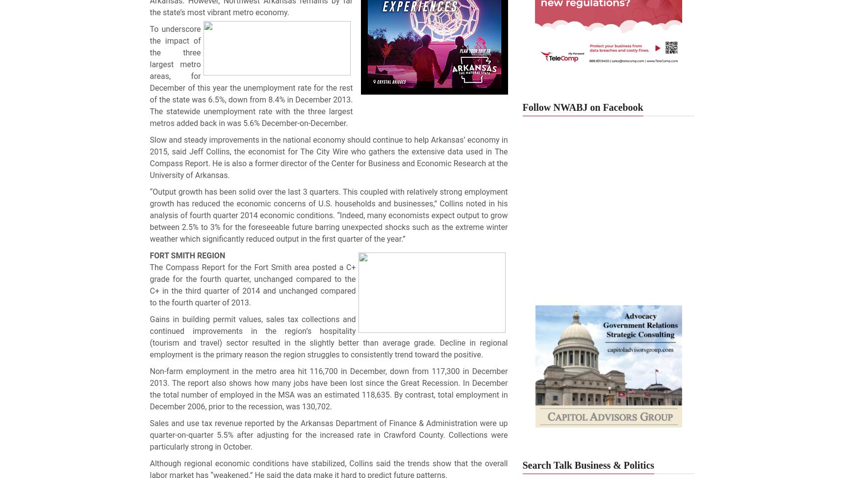  What do you see at coordinates (328, 215) in the screenshot?
I see `'“Output growth has been solid over the last 3 quarters. This coupled with relatively strong employment growth has reduced the economic concerns of U.S. households and businesses,” Collins noted in his analysis of fourth quarter 2014 economic conditions. “Indeed, many economists expect output to grow between 2.5% to 3% for the foreseeable future barring unexpected shocks such as the extreme winter weather which significantly reduced output in the first quarter of the year.”'` at bounding box center [328, 215].